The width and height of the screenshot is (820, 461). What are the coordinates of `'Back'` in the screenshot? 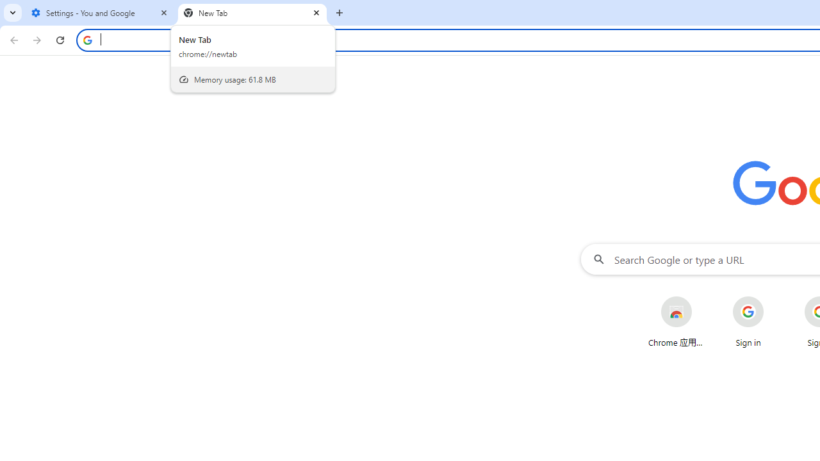 It's located at (12, 39).